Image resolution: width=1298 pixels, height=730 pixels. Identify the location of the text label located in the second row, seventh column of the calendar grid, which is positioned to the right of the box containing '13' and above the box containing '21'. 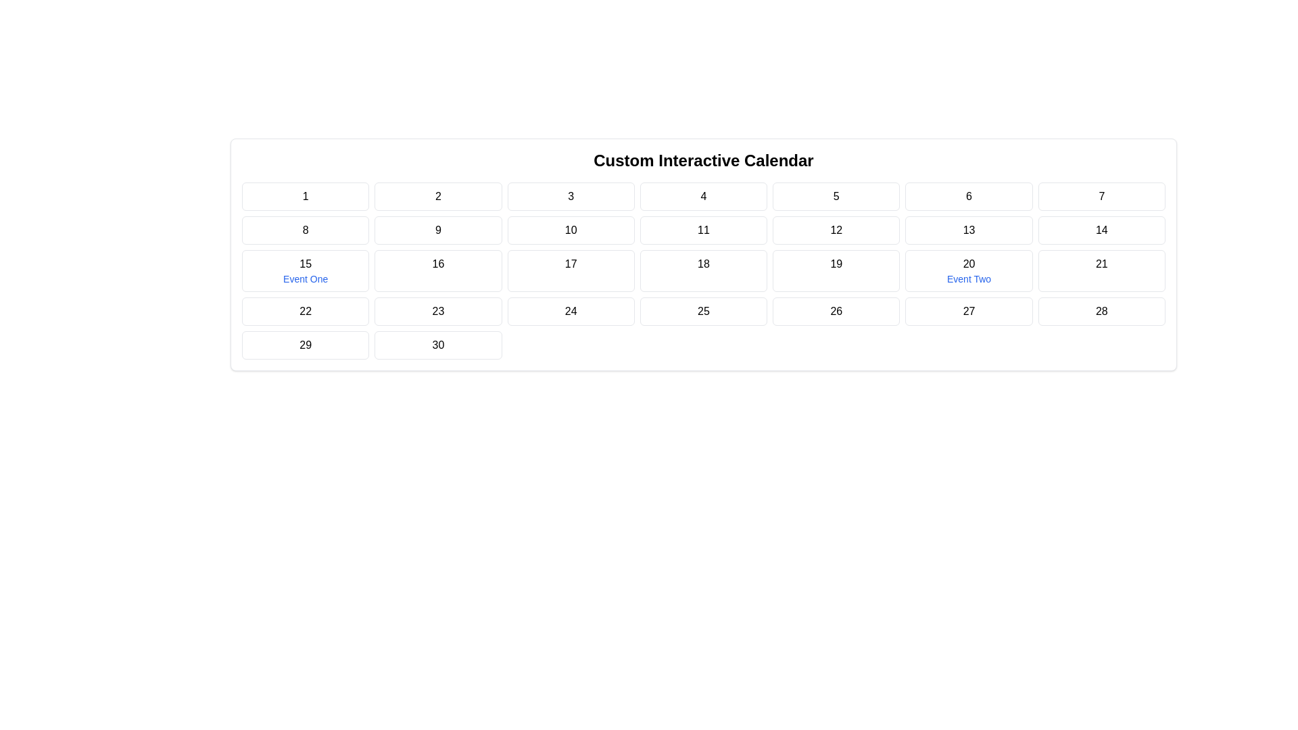
(1101, 229).